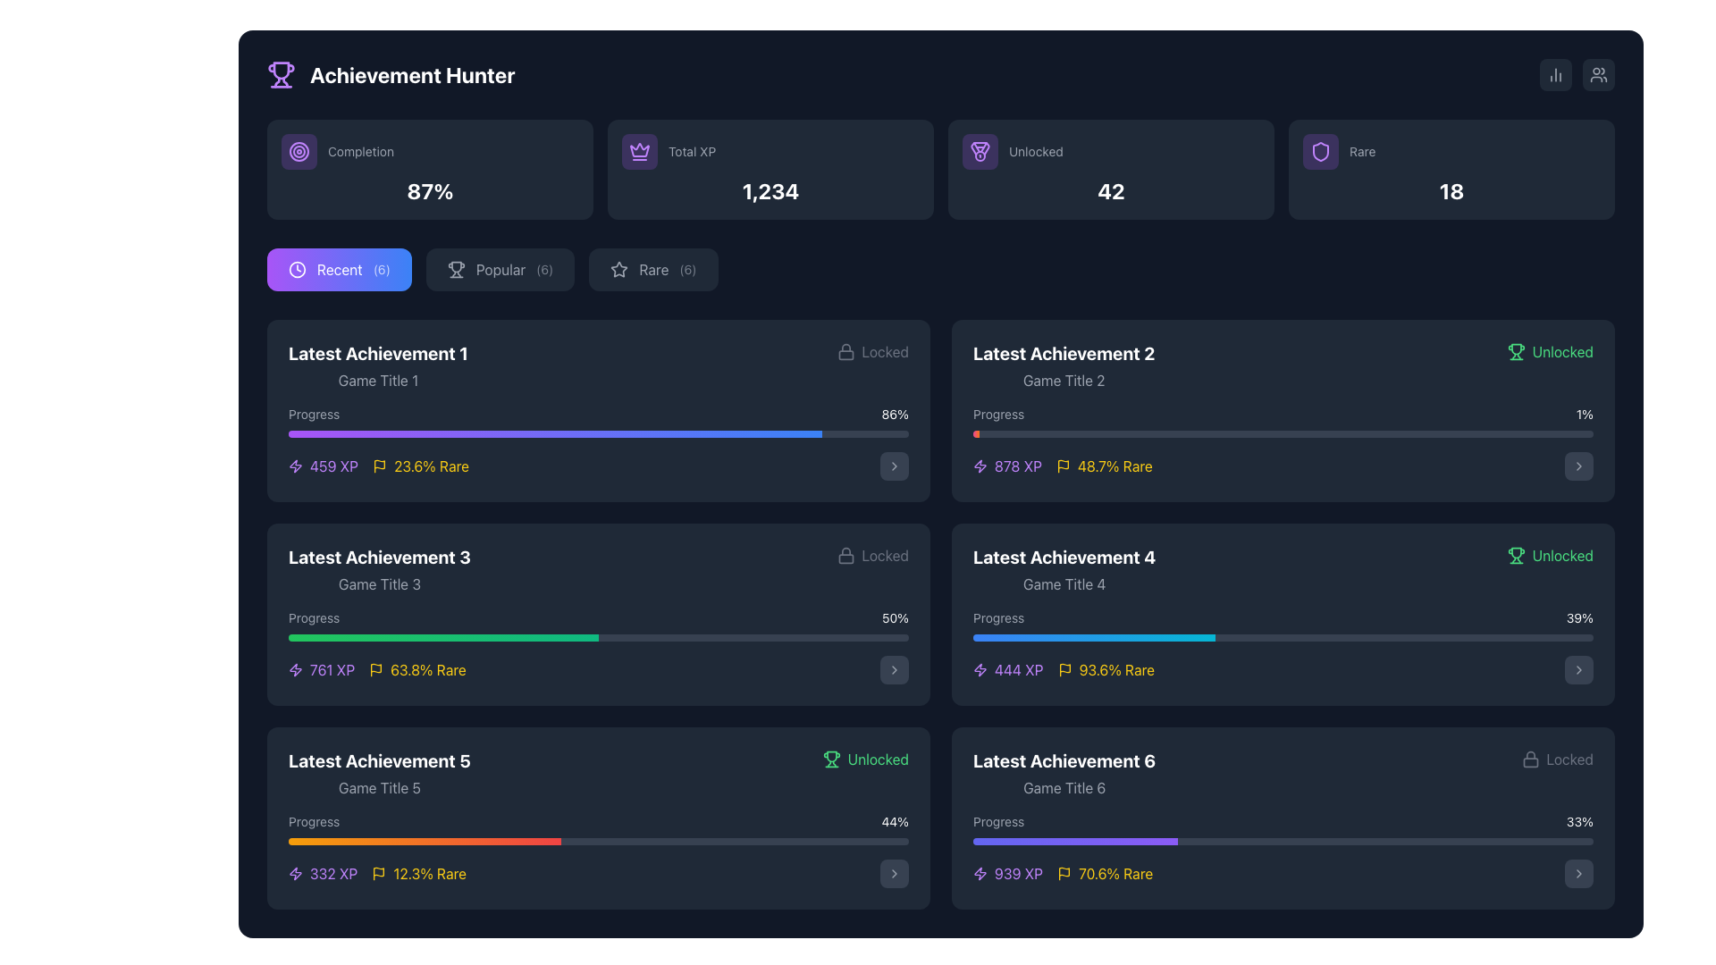 This screenshot has width=1716, height=965. What do you see at coordinates (1282, 818) in the screenshot?
I see `the Achievement card representing a locked achievement, located in the bottom-right corner of the grid layout, which is the 6th card beneath 'Latest Achievement 4'` at bounding box center [1282, 818].